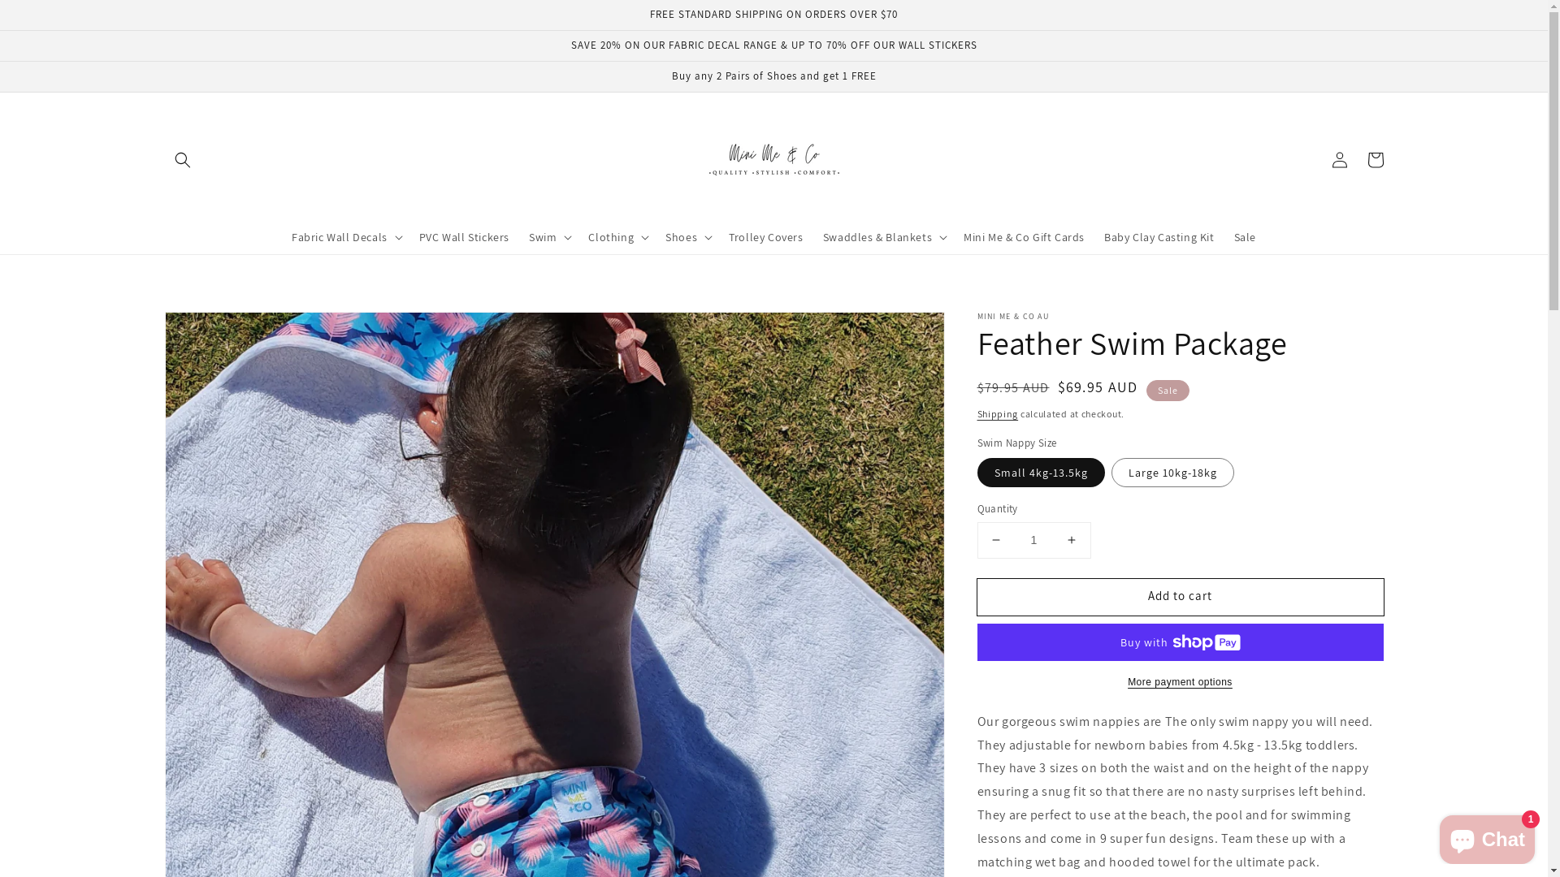  Describe the element at coordinates (1071, 540) in the screenshot. I see `'Increase quantity for Feather Swim Package'` at that location.